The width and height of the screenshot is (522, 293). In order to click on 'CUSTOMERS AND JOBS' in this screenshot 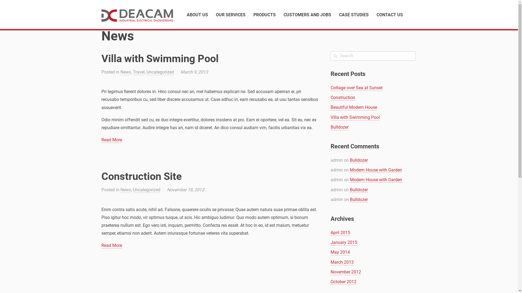, I will do `click(283, 14)`.